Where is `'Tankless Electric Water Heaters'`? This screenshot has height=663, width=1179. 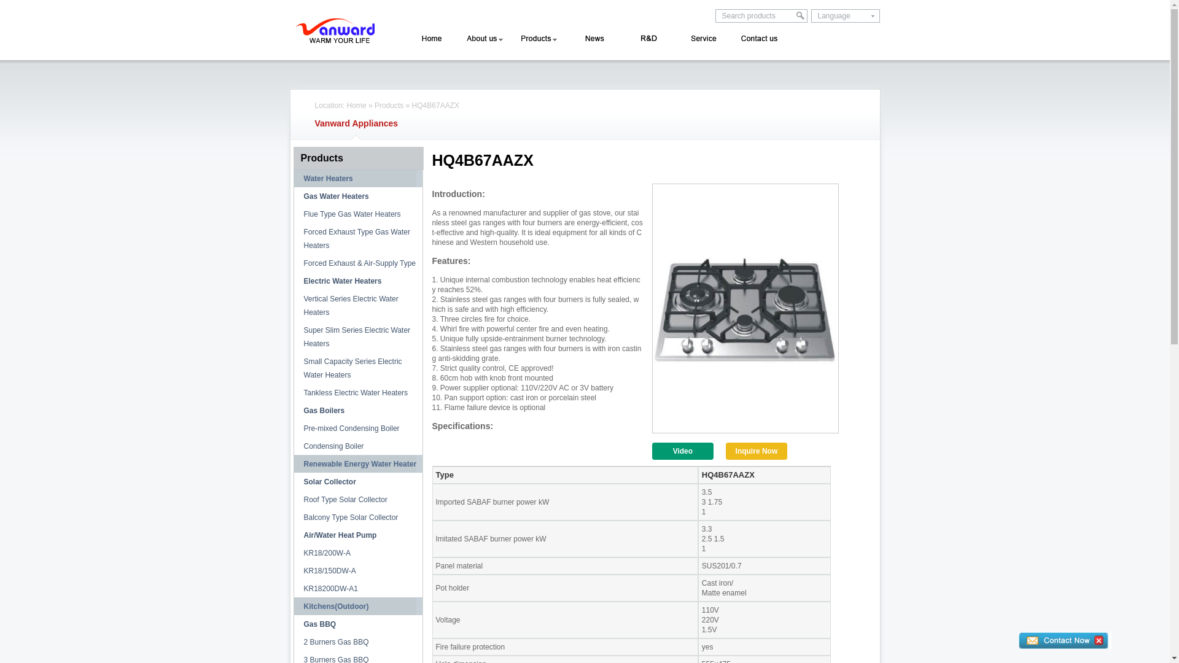
'Tankless Electric Water Heaters' is located at coordinates (357, 393).